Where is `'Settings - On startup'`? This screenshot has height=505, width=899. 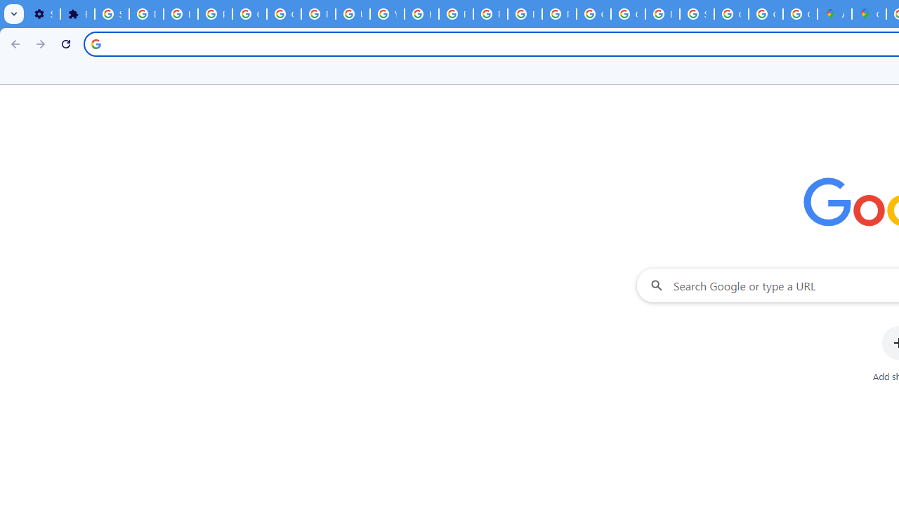 'Settings - On startup' is located at coordinates (43, 14).